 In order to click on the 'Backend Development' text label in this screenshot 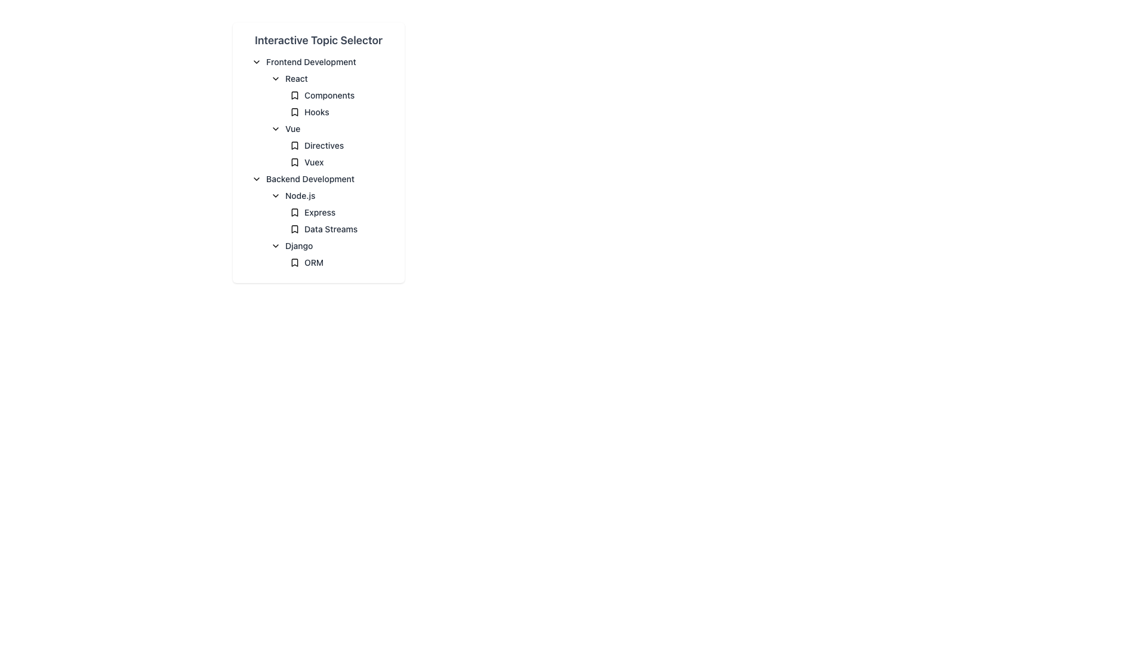, I will do `click(310, 179)`.